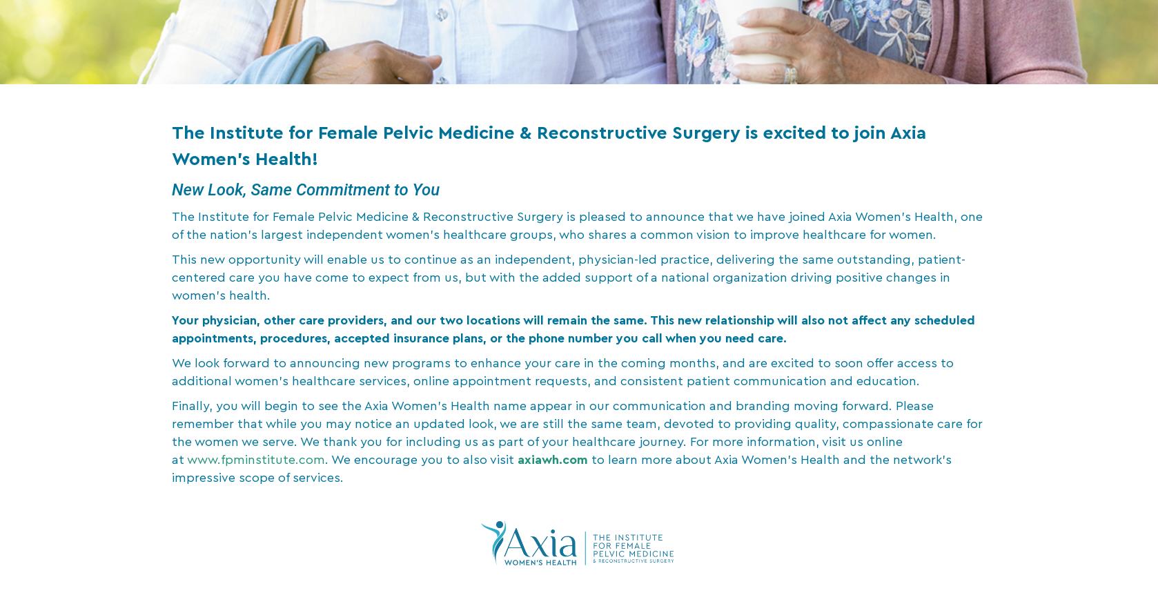 The width and height of the screenshot is (1158, 593). Describe the element at coordinates (572, 327) in the screenshot. I see `'Your physician, other care providers, and our two locations will remain the same. This new relationship will also not affect any scheduled appointments, procedures, accepted insurance plans, or the phone number you call when you need care.'` at that location.